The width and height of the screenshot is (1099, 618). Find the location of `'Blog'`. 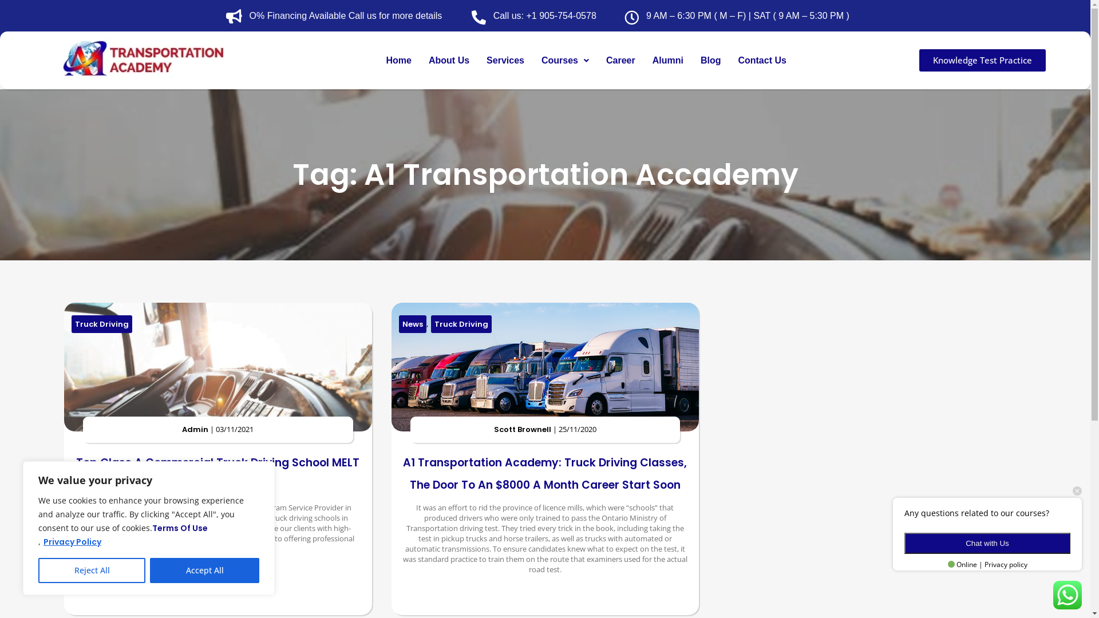

'Blog' is located at coordinates (710, 60).